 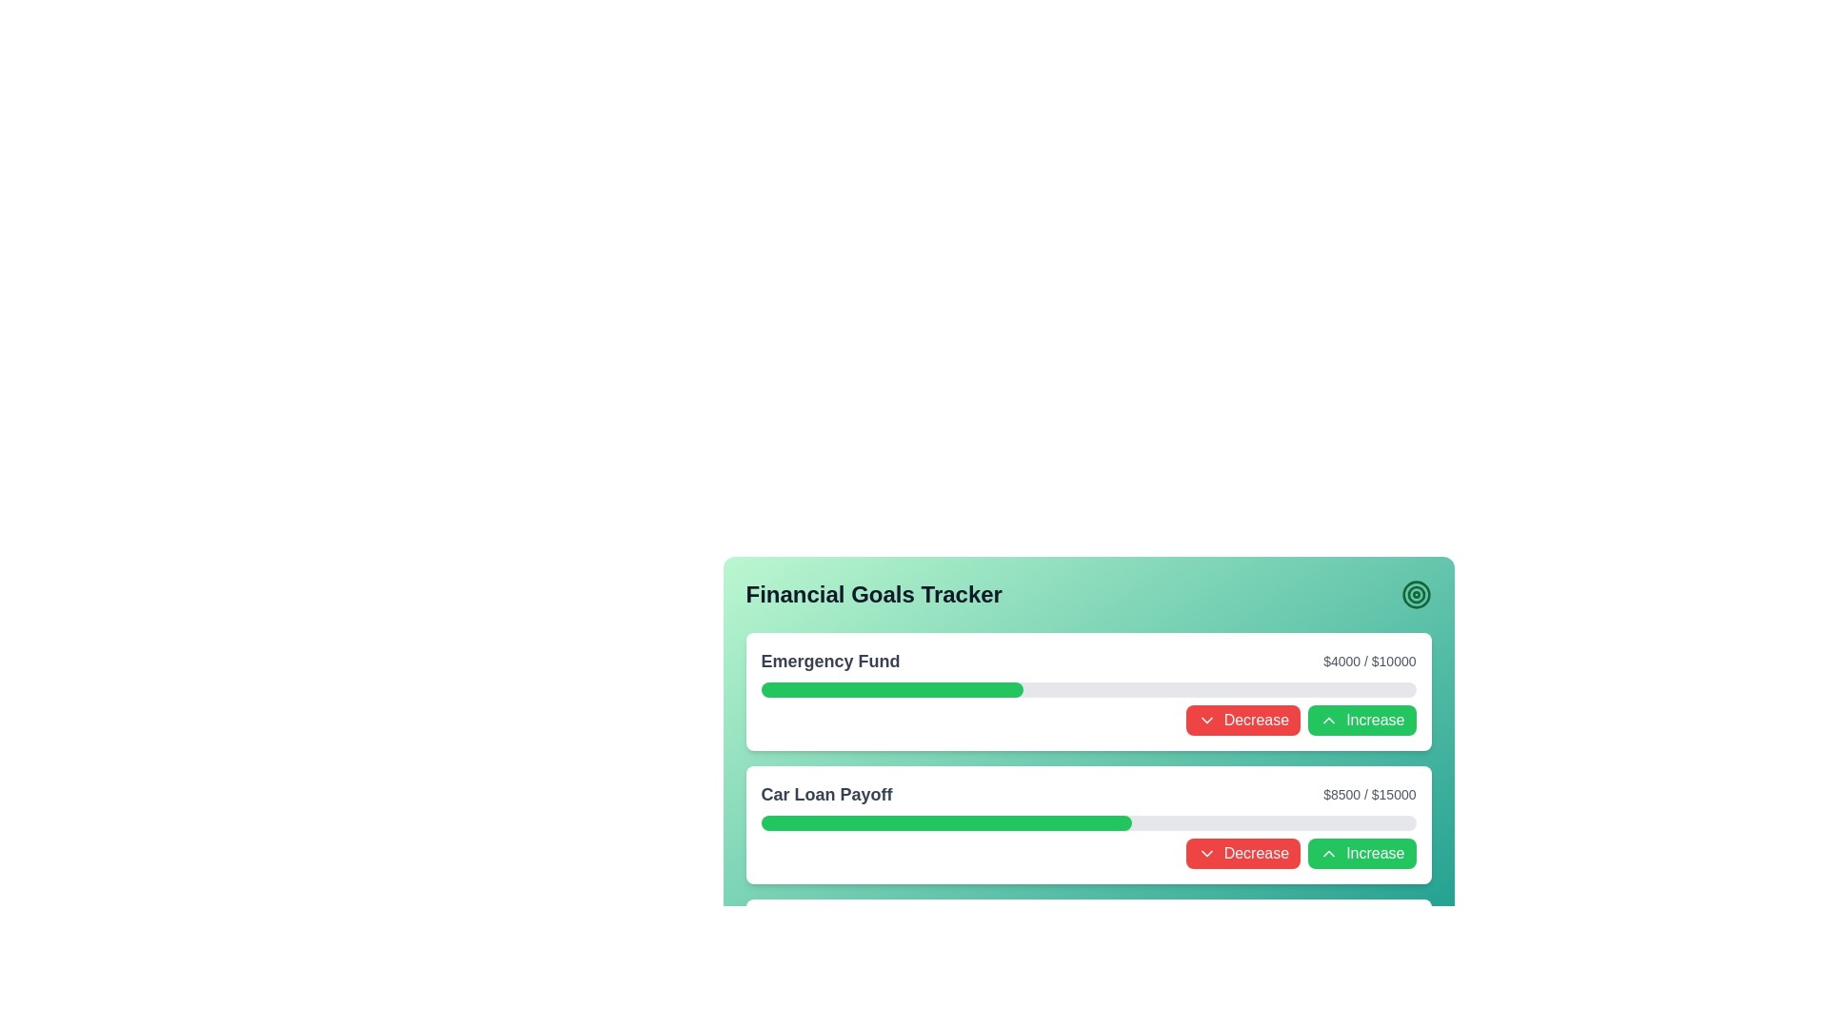 I want to click on the downward chevron icon within the red 'Decrease' button for additional options, so click(x=1205, y=853).